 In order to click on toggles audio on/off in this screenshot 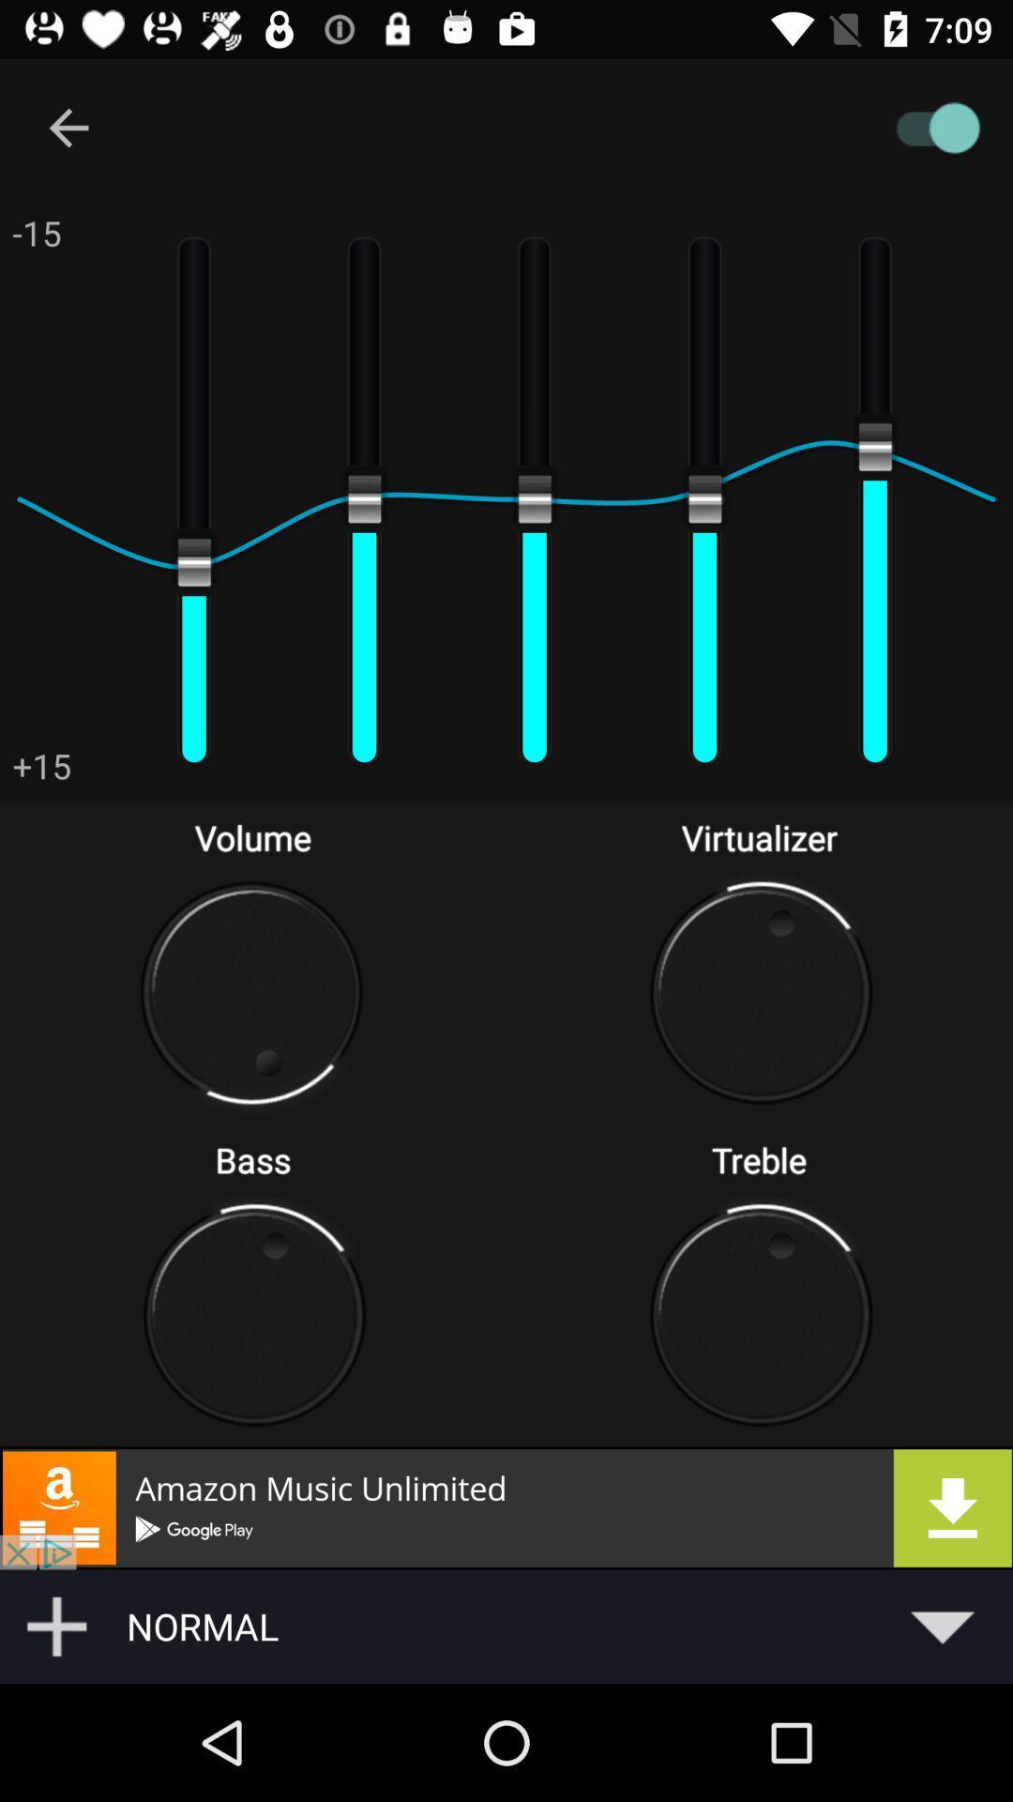, I will do `click(595, 127)`.